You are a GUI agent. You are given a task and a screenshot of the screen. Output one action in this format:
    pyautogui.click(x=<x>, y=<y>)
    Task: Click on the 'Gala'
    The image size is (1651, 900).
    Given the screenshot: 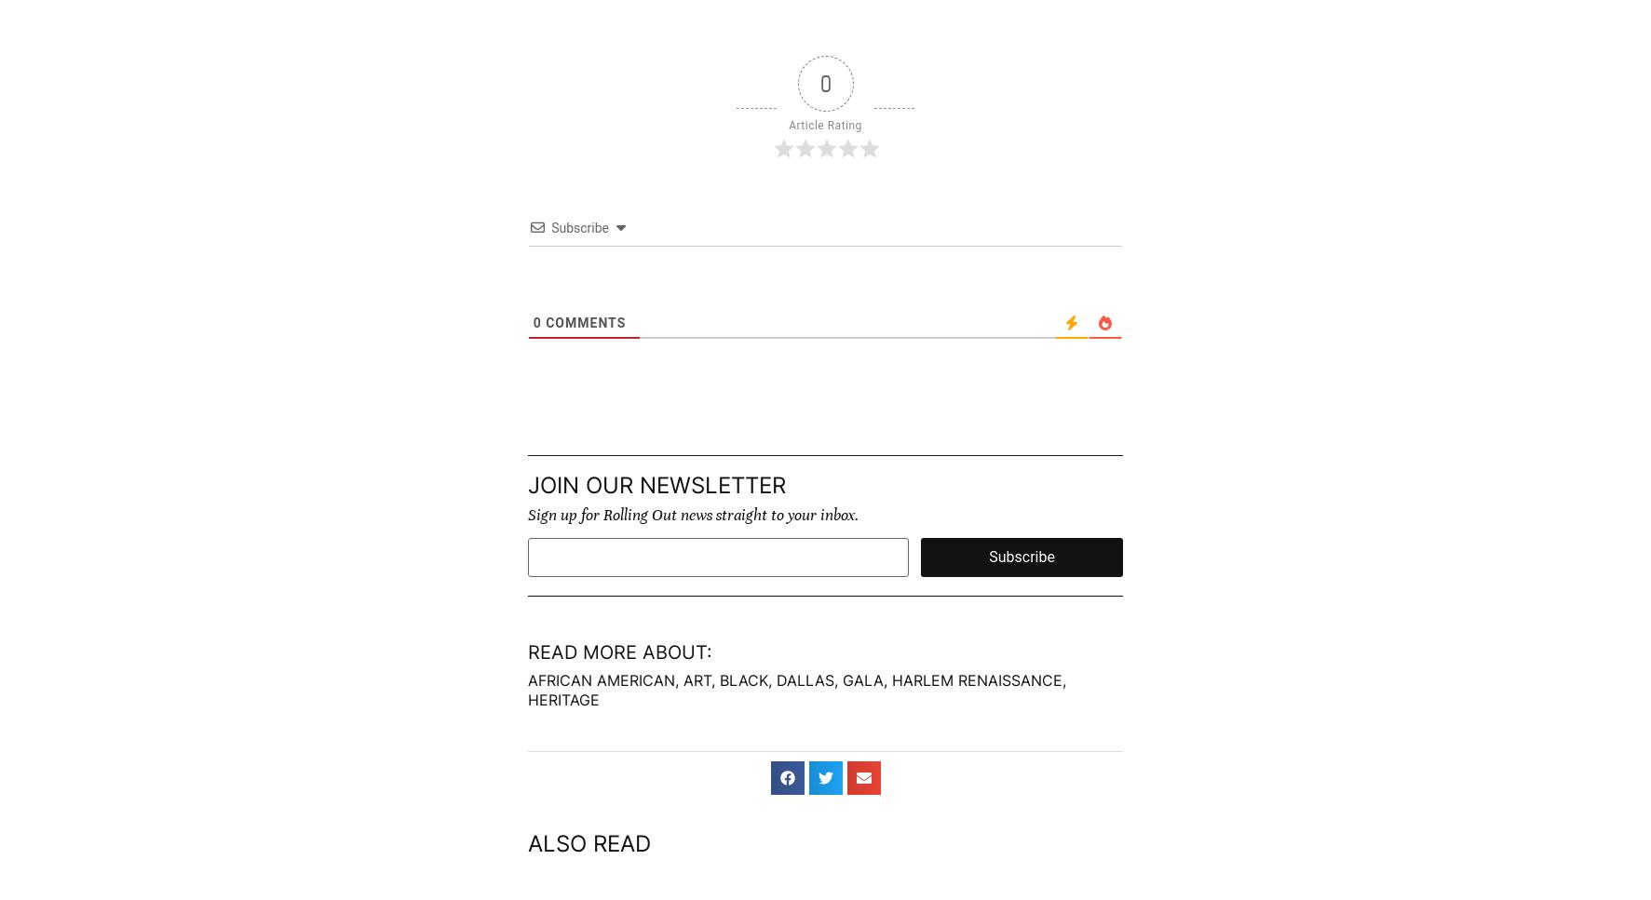 What is the action you would take?
    pyautogui.click(x=862, y=678)
    